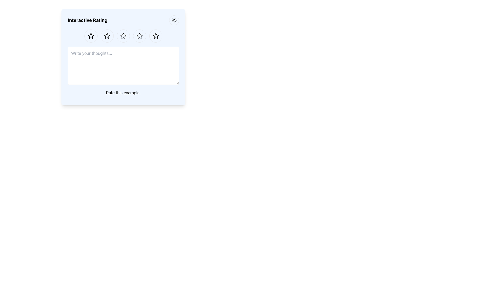  Describe the element at coordinates (88, 20) in the screenshot. I see `the bold-text header labeled 'Interactive Rating', which is prominently displayed in a large font at the top-left corner of its section` at that location.